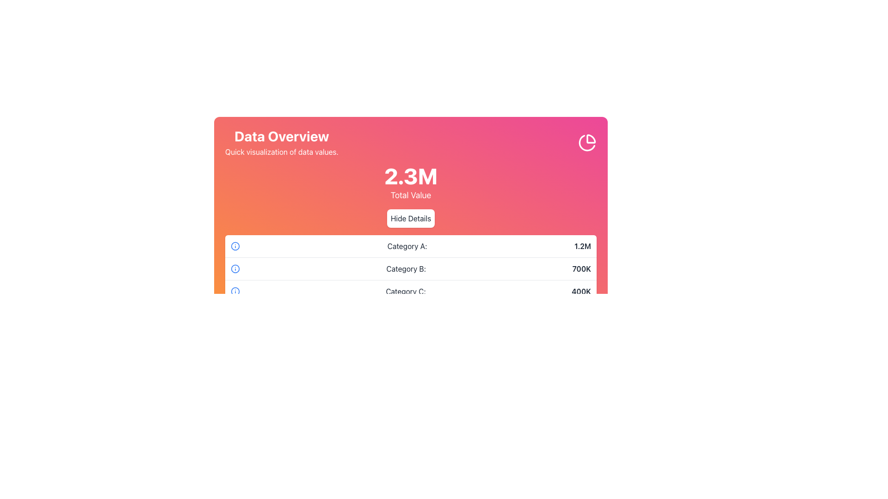  What do you see at coordinates (410, 245) in the screenshot?
I see `the first list item which contains 'Category A:' and '1.2M' to possibly reveal tooltips` at bounding box center [410, 245].